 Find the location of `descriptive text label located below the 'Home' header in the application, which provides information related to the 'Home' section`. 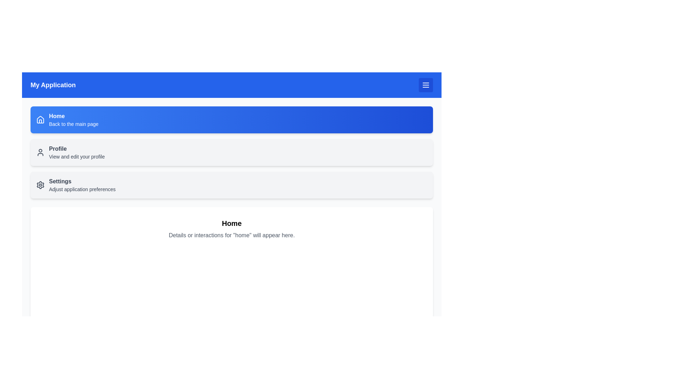

descriptive text label located below the 'Home' header in the application, which provides information related to the 'Home' section is located at coordinates (232, 235).